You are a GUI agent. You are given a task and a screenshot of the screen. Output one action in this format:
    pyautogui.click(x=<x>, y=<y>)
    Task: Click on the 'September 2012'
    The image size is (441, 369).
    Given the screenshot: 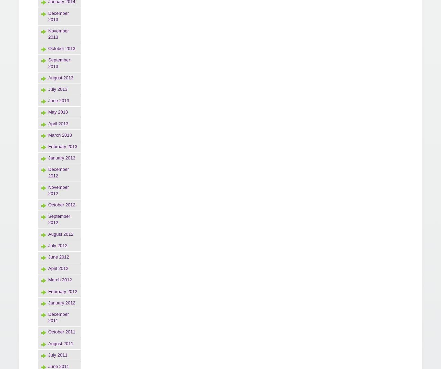 What is the action you would take?
    pyautogui.click(x=59, y=219)
    